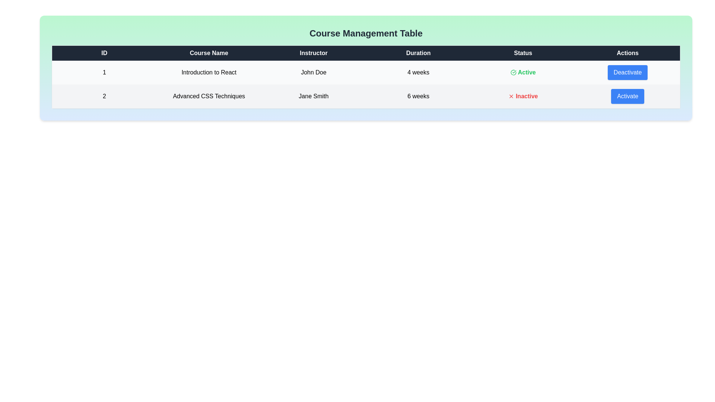 The height and width of the screenshot is (402, 715). I want to click on text content of the prominent heading labeled 'Course Management Table', which is styled in bold, extra-large dark gray font and located at the top of the course management panel, so click(366, 33).